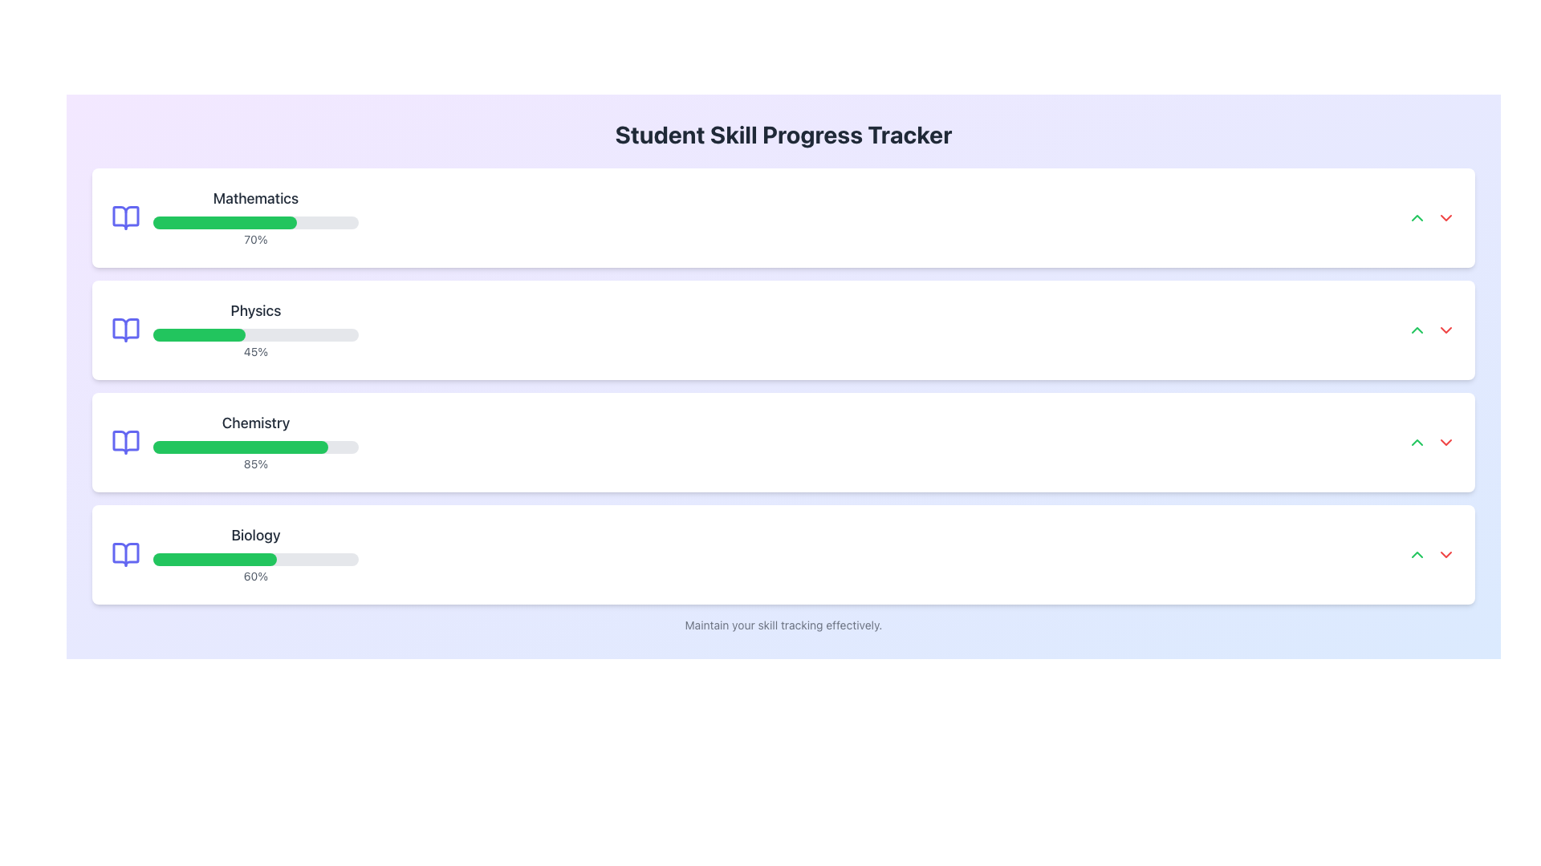 The image size is (1541, 866). What do you see at coordinates (254, 447) in the screenshot?
I see `the green progress bar located beneath the 'Chemistry' text and above the '85%' text in the subject proficiency indicators section` at bounding box center [254, 447].